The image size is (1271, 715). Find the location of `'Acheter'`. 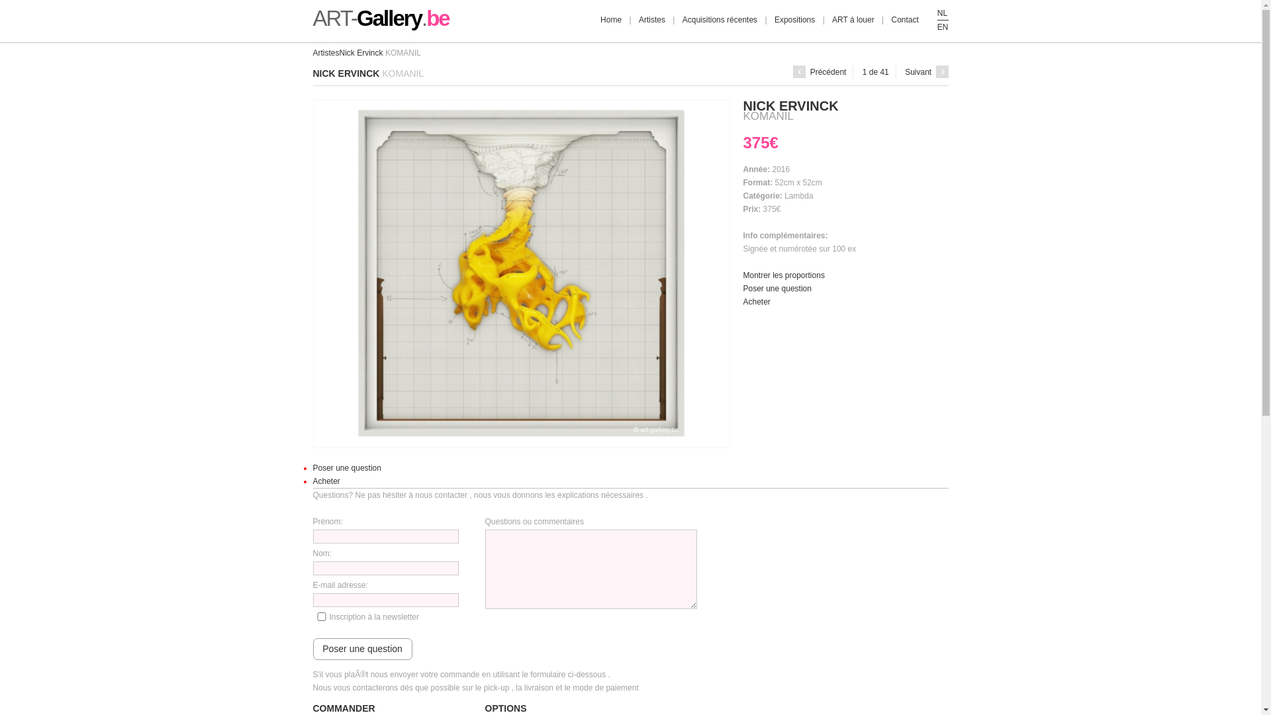

'Acheter' is located at coordinates (326, 481).